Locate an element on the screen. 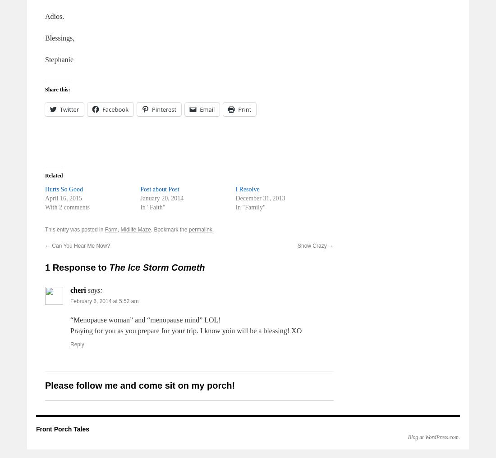  'Share this:' is located at coordinates (57, 90).